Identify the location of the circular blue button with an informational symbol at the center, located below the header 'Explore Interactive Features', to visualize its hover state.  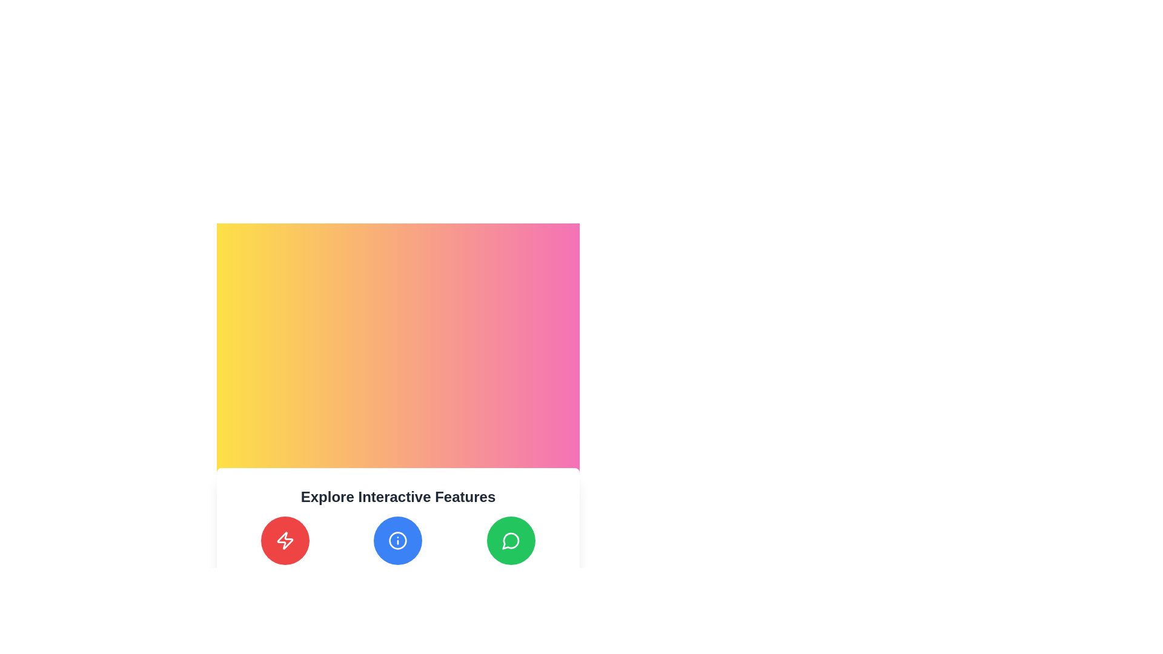
(398, 540).